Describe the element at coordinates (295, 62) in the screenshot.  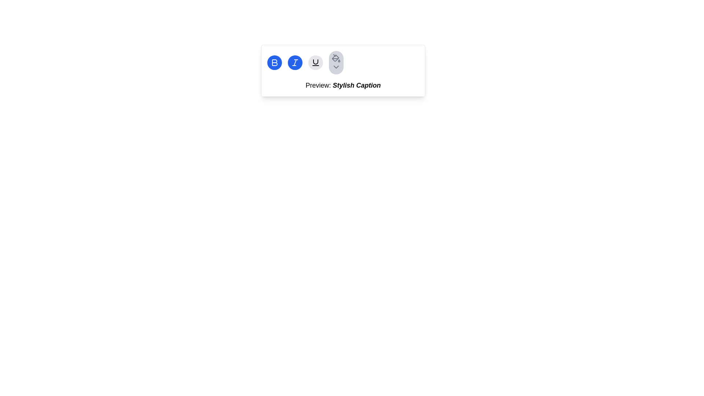
I see `the vertical line within the middle of the italicized 'I' icon` at that location.